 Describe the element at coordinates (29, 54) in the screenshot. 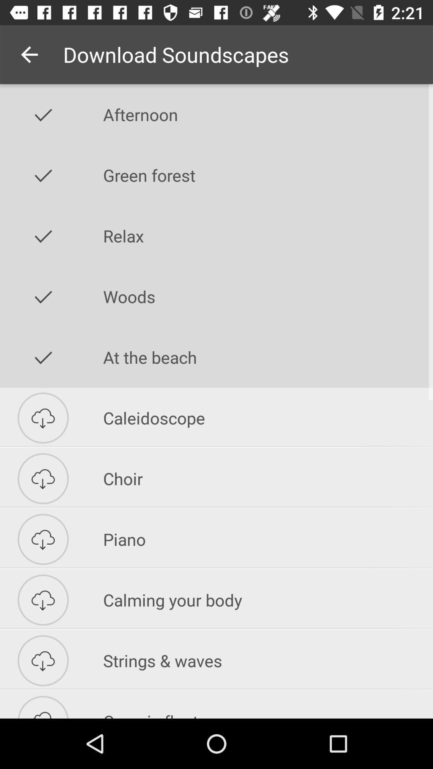

I see `app next to download soundscapes` at that location.